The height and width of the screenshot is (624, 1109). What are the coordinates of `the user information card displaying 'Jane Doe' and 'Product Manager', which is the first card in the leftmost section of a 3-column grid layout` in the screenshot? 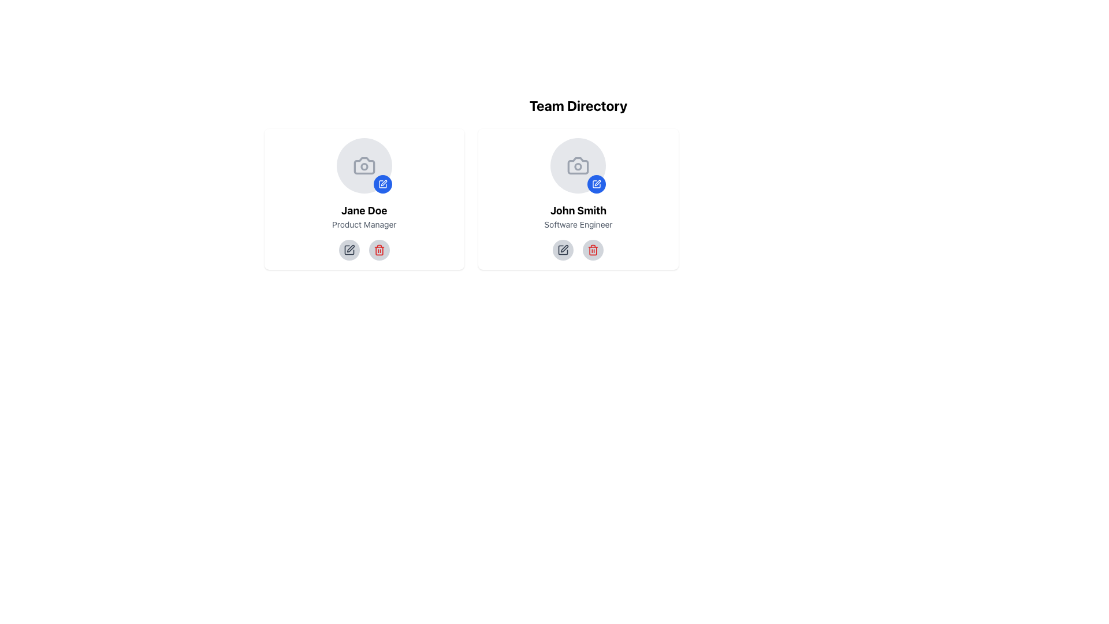 It's located at (363, 198).